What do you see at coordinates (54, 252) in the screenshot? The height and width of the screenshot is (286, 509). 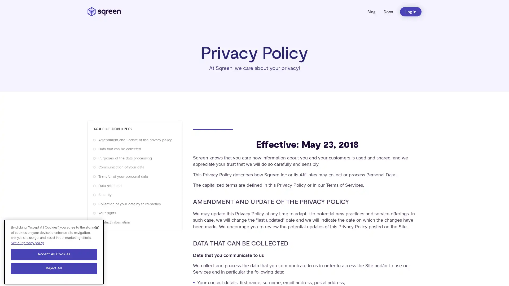 I see `Accept All Cookies` at bounding box center [54, 252].